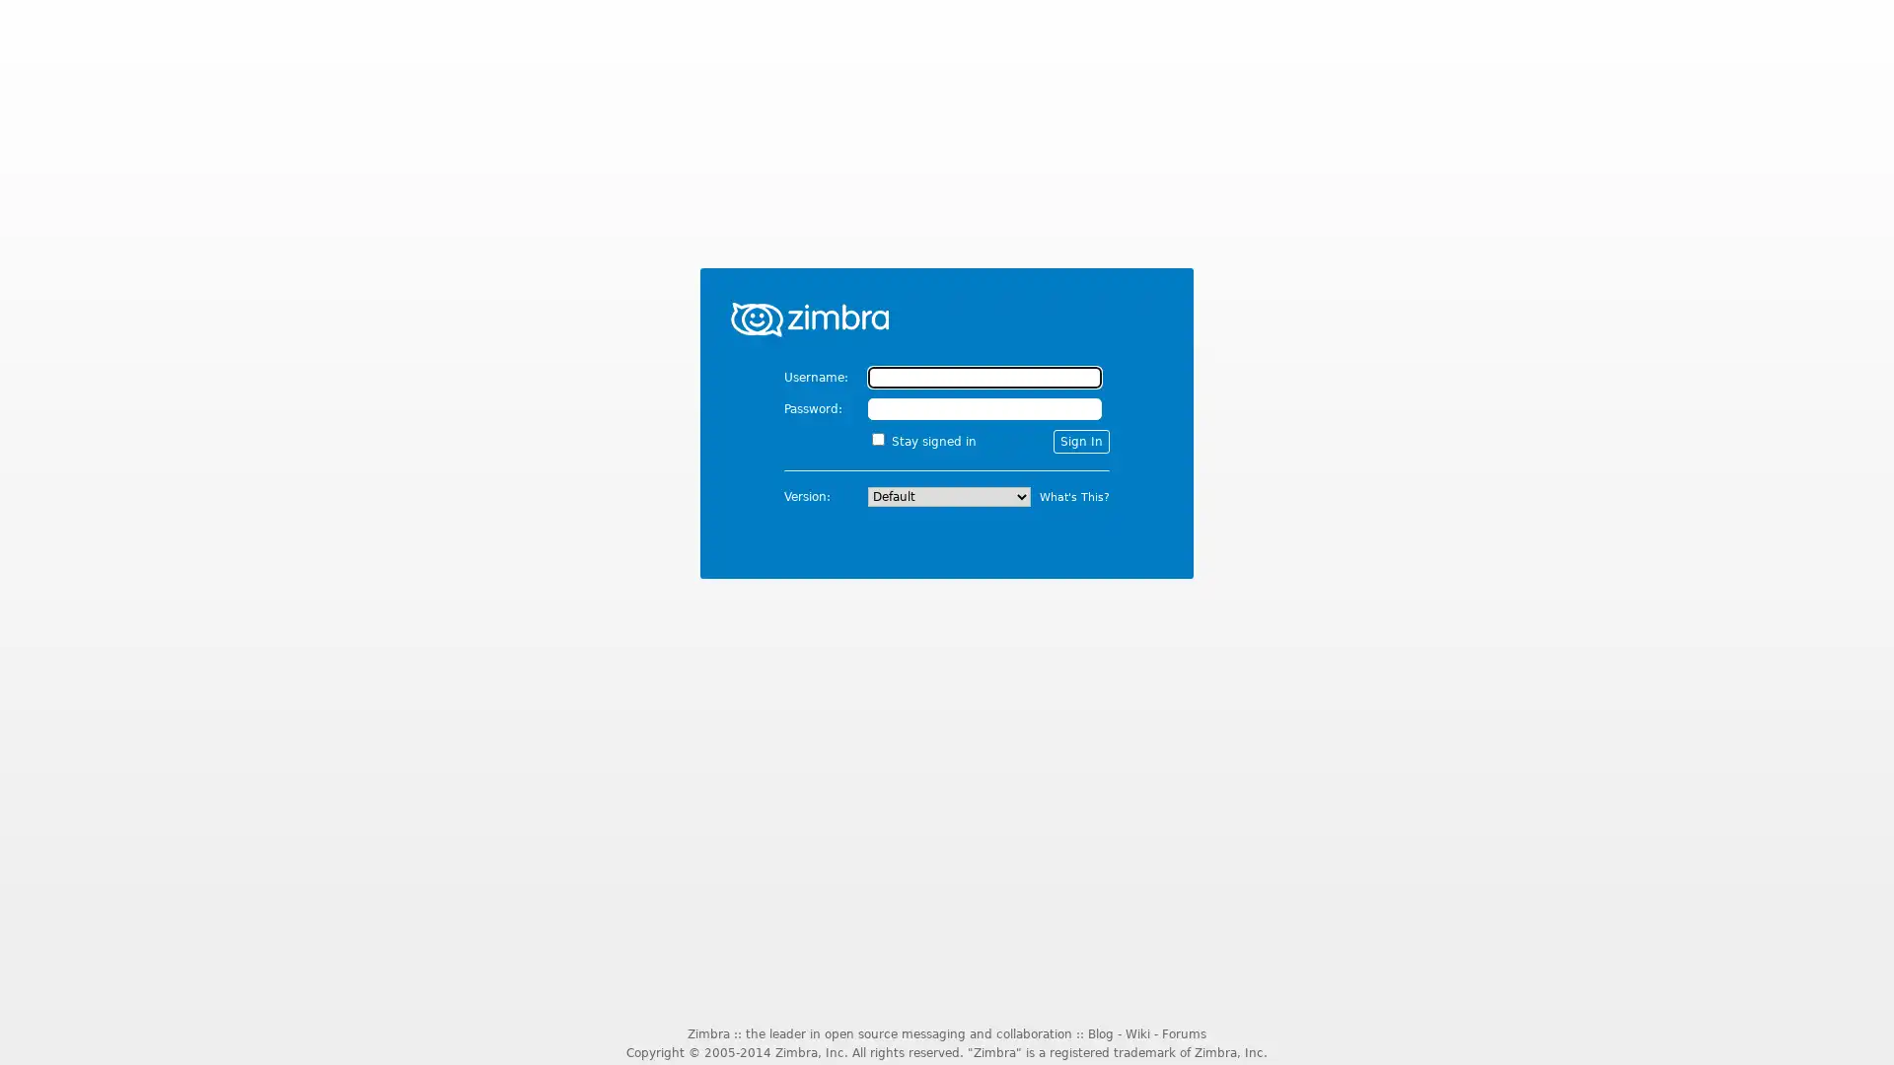  I want to click on Sign In, so click(1080, 440).